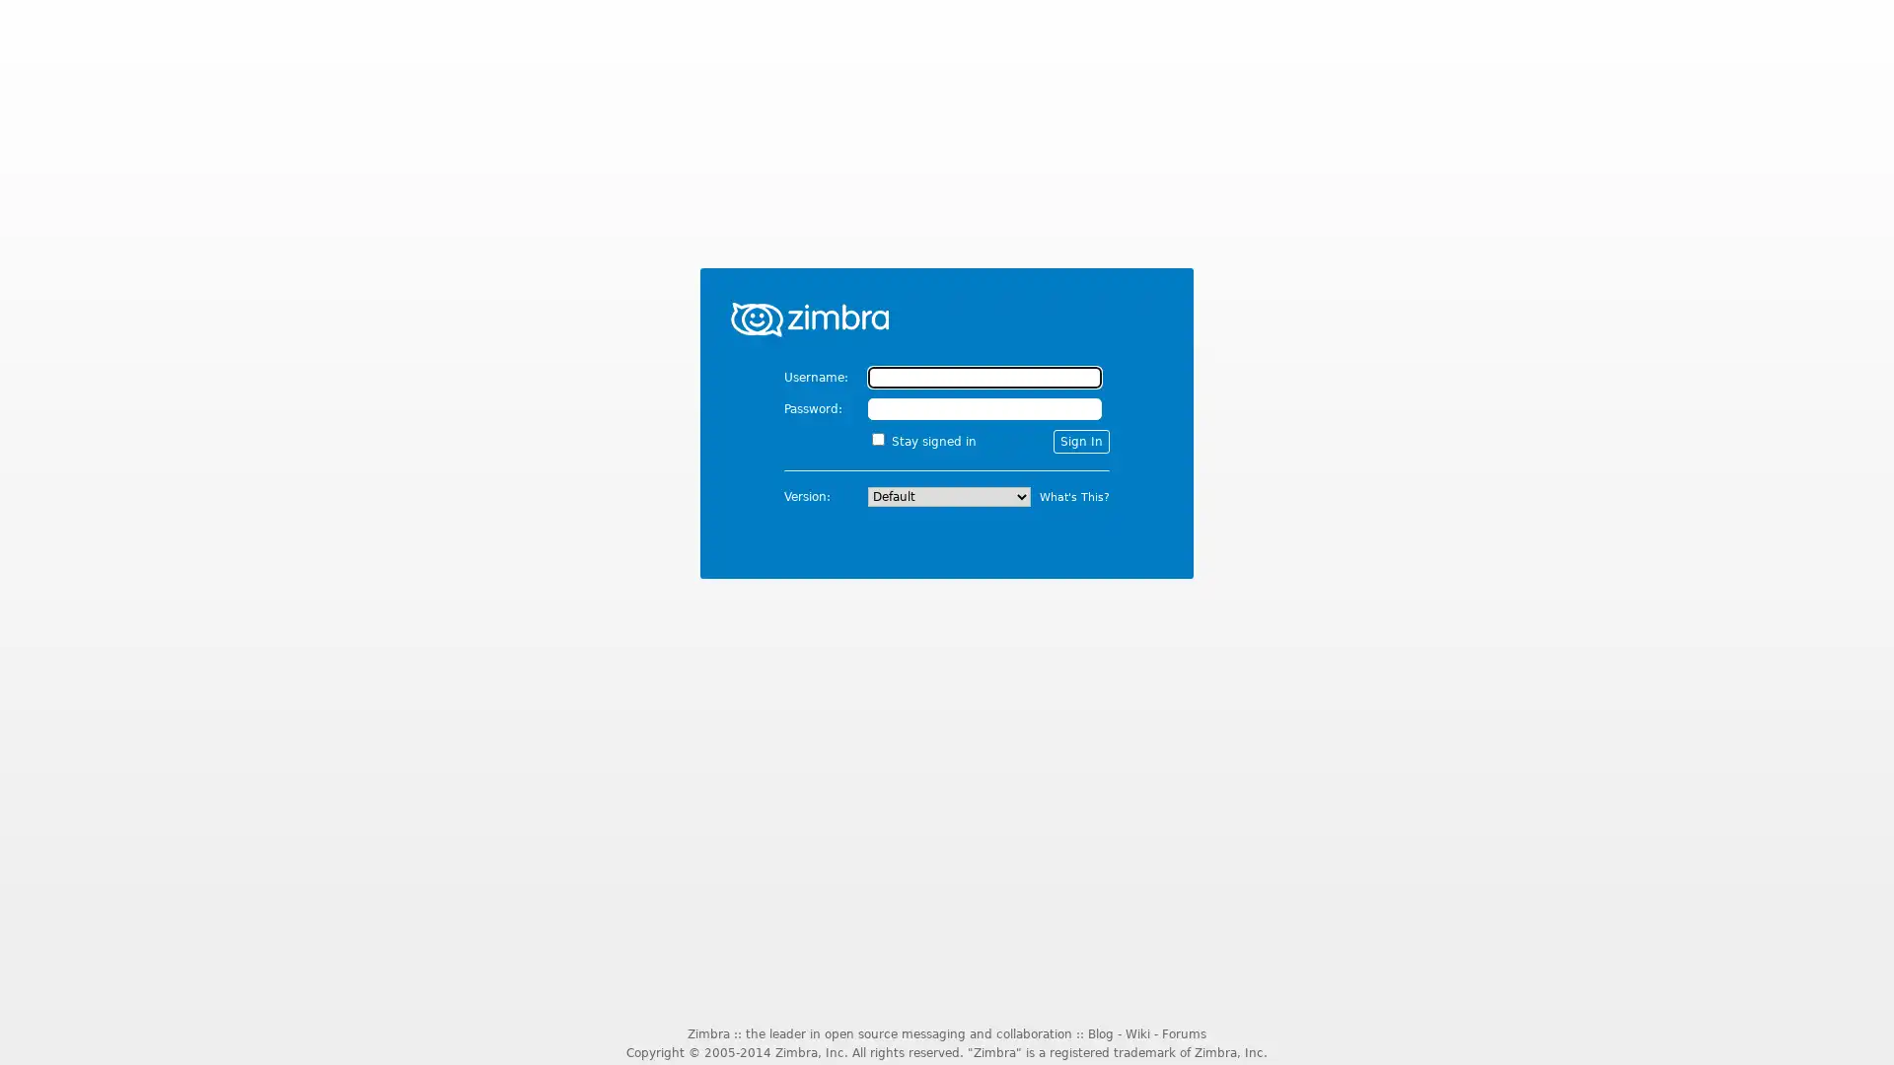  I want to click on Sign In, so click(1080, 440).